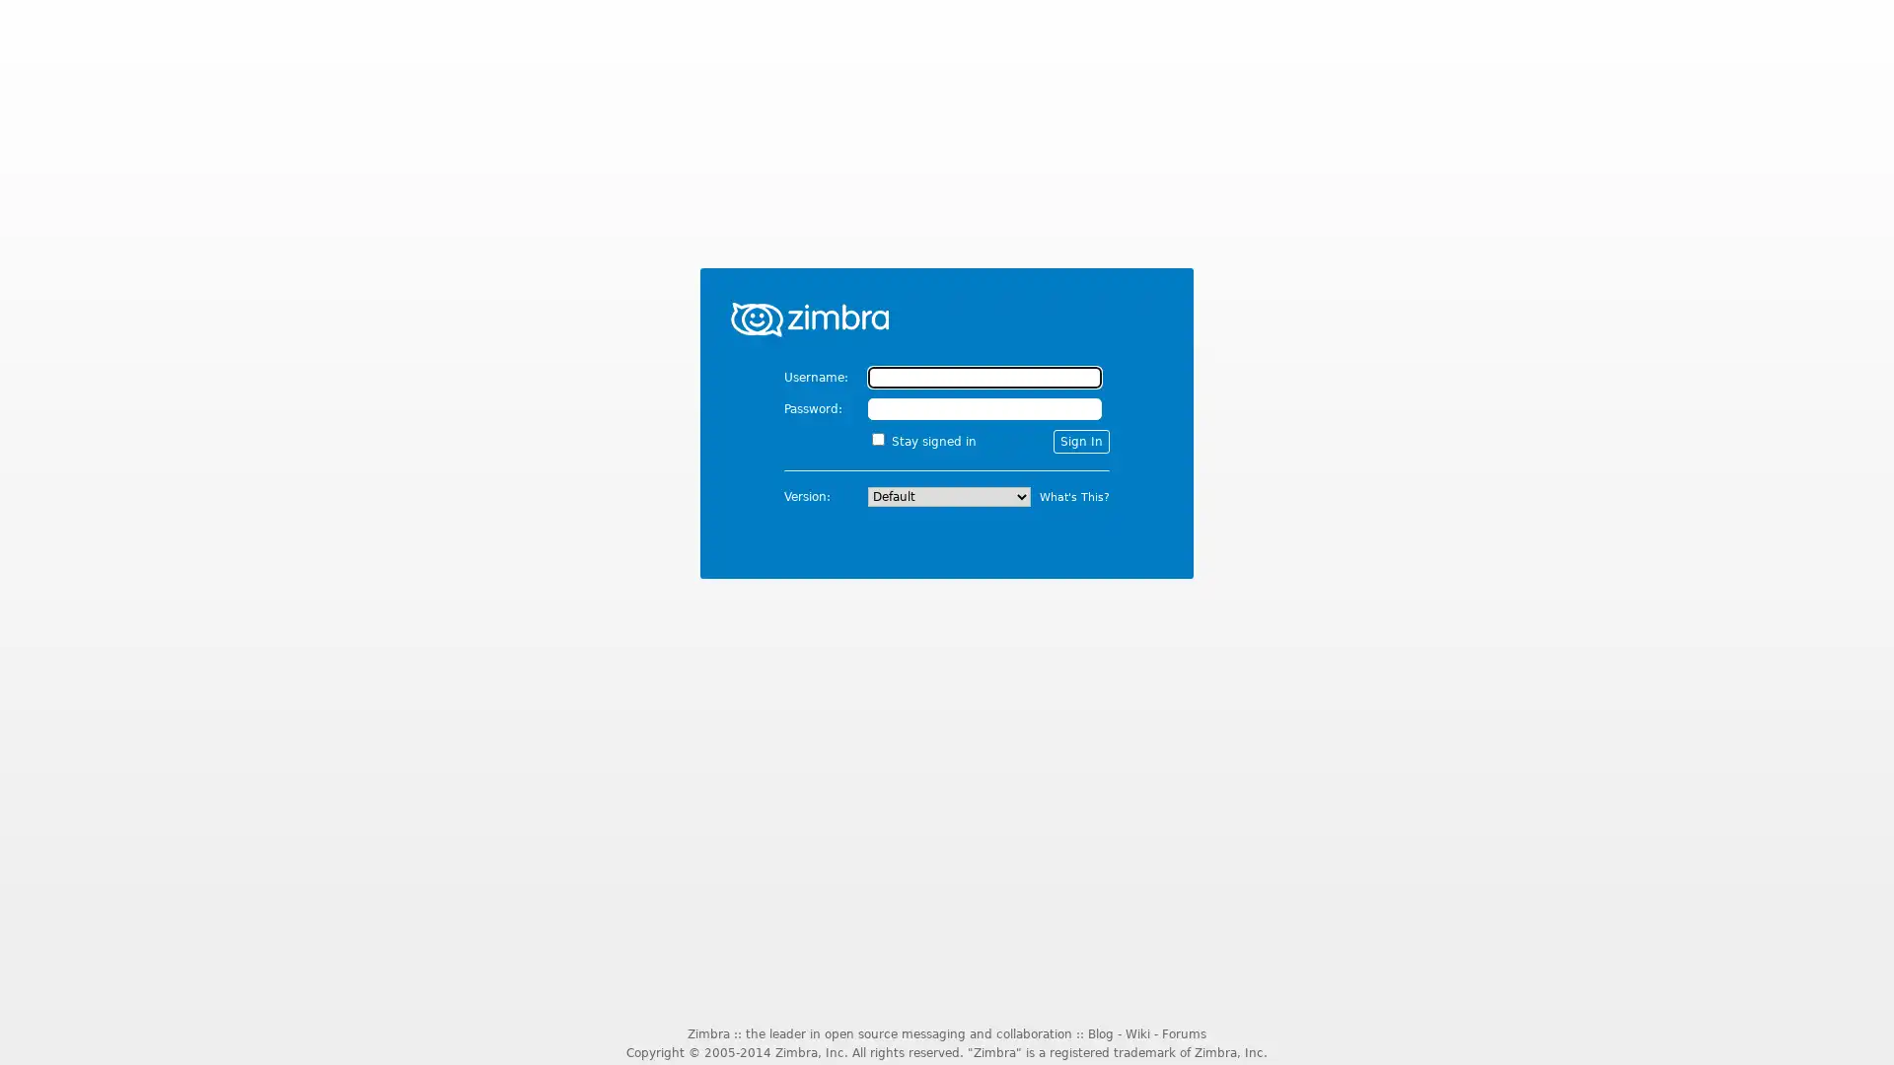  I want to click on Sign In, so click(1080, 440).